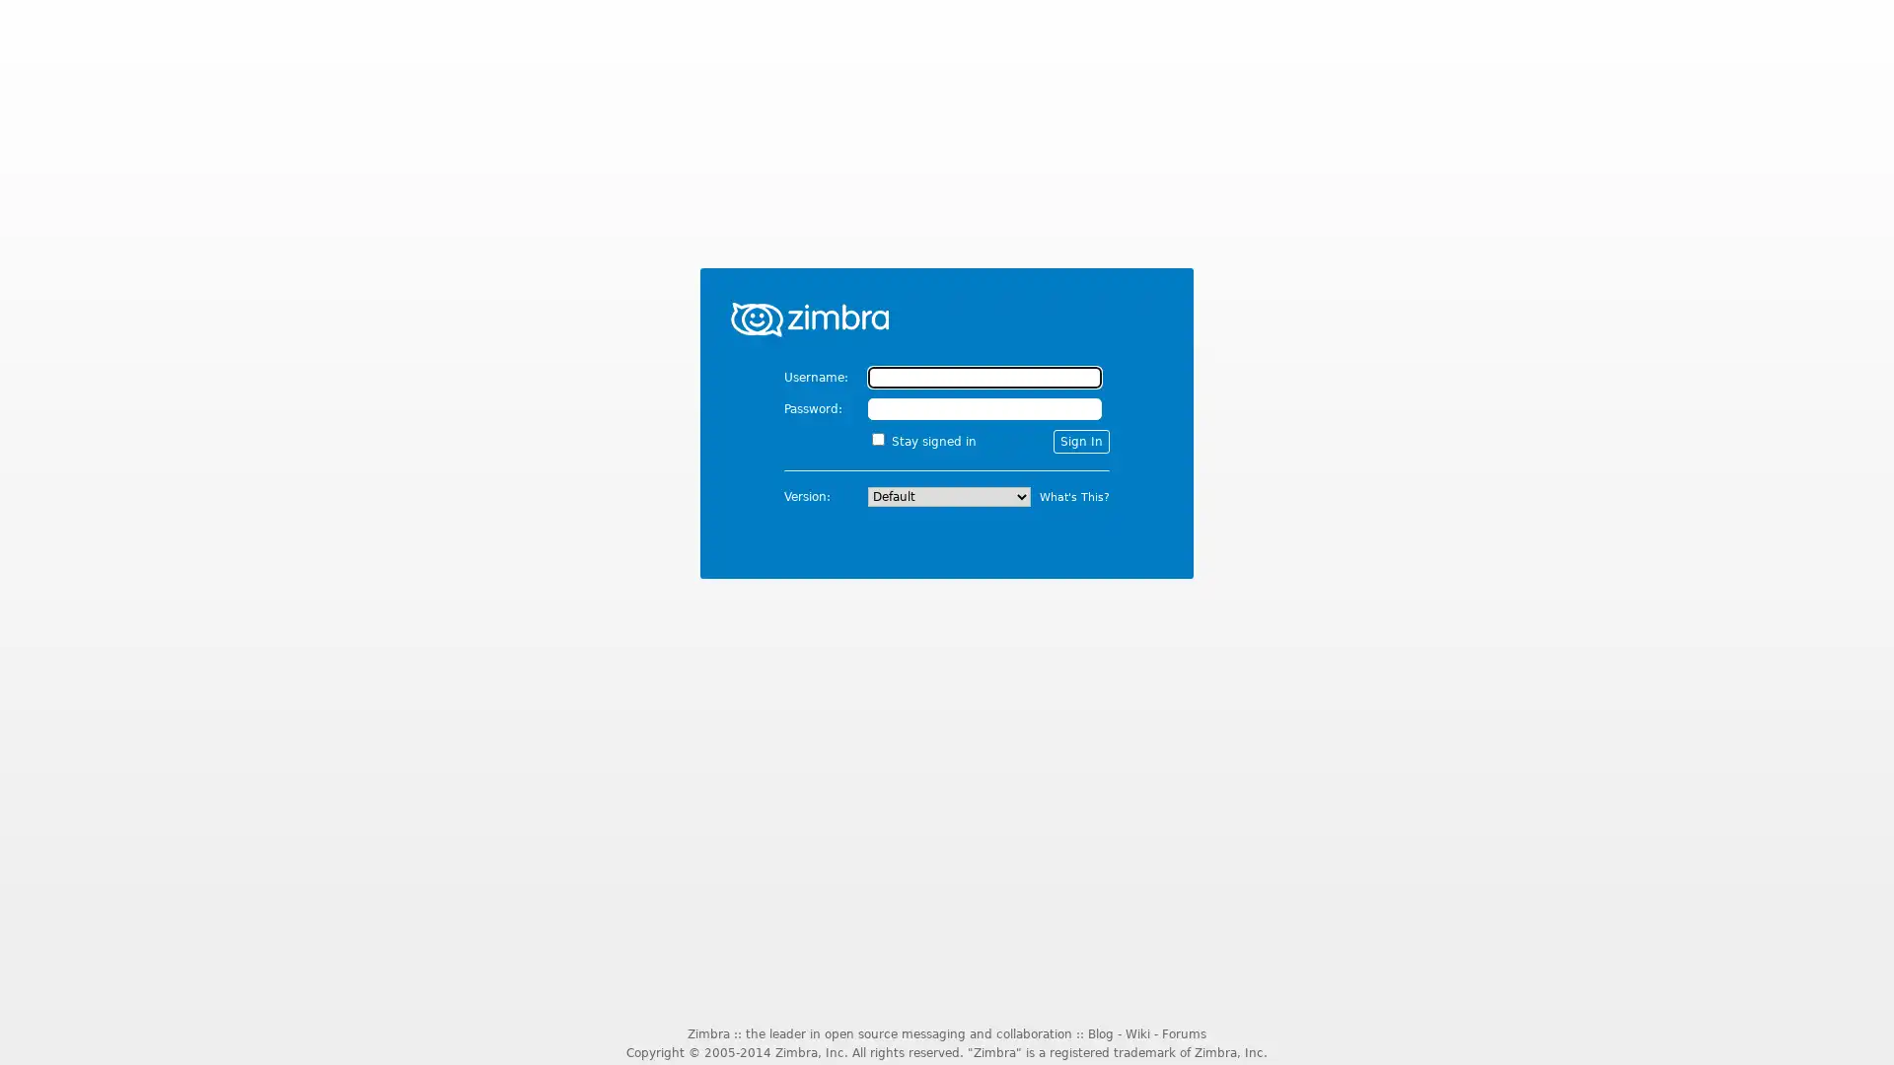  I want to click on Sign In, so click(1080, 440).